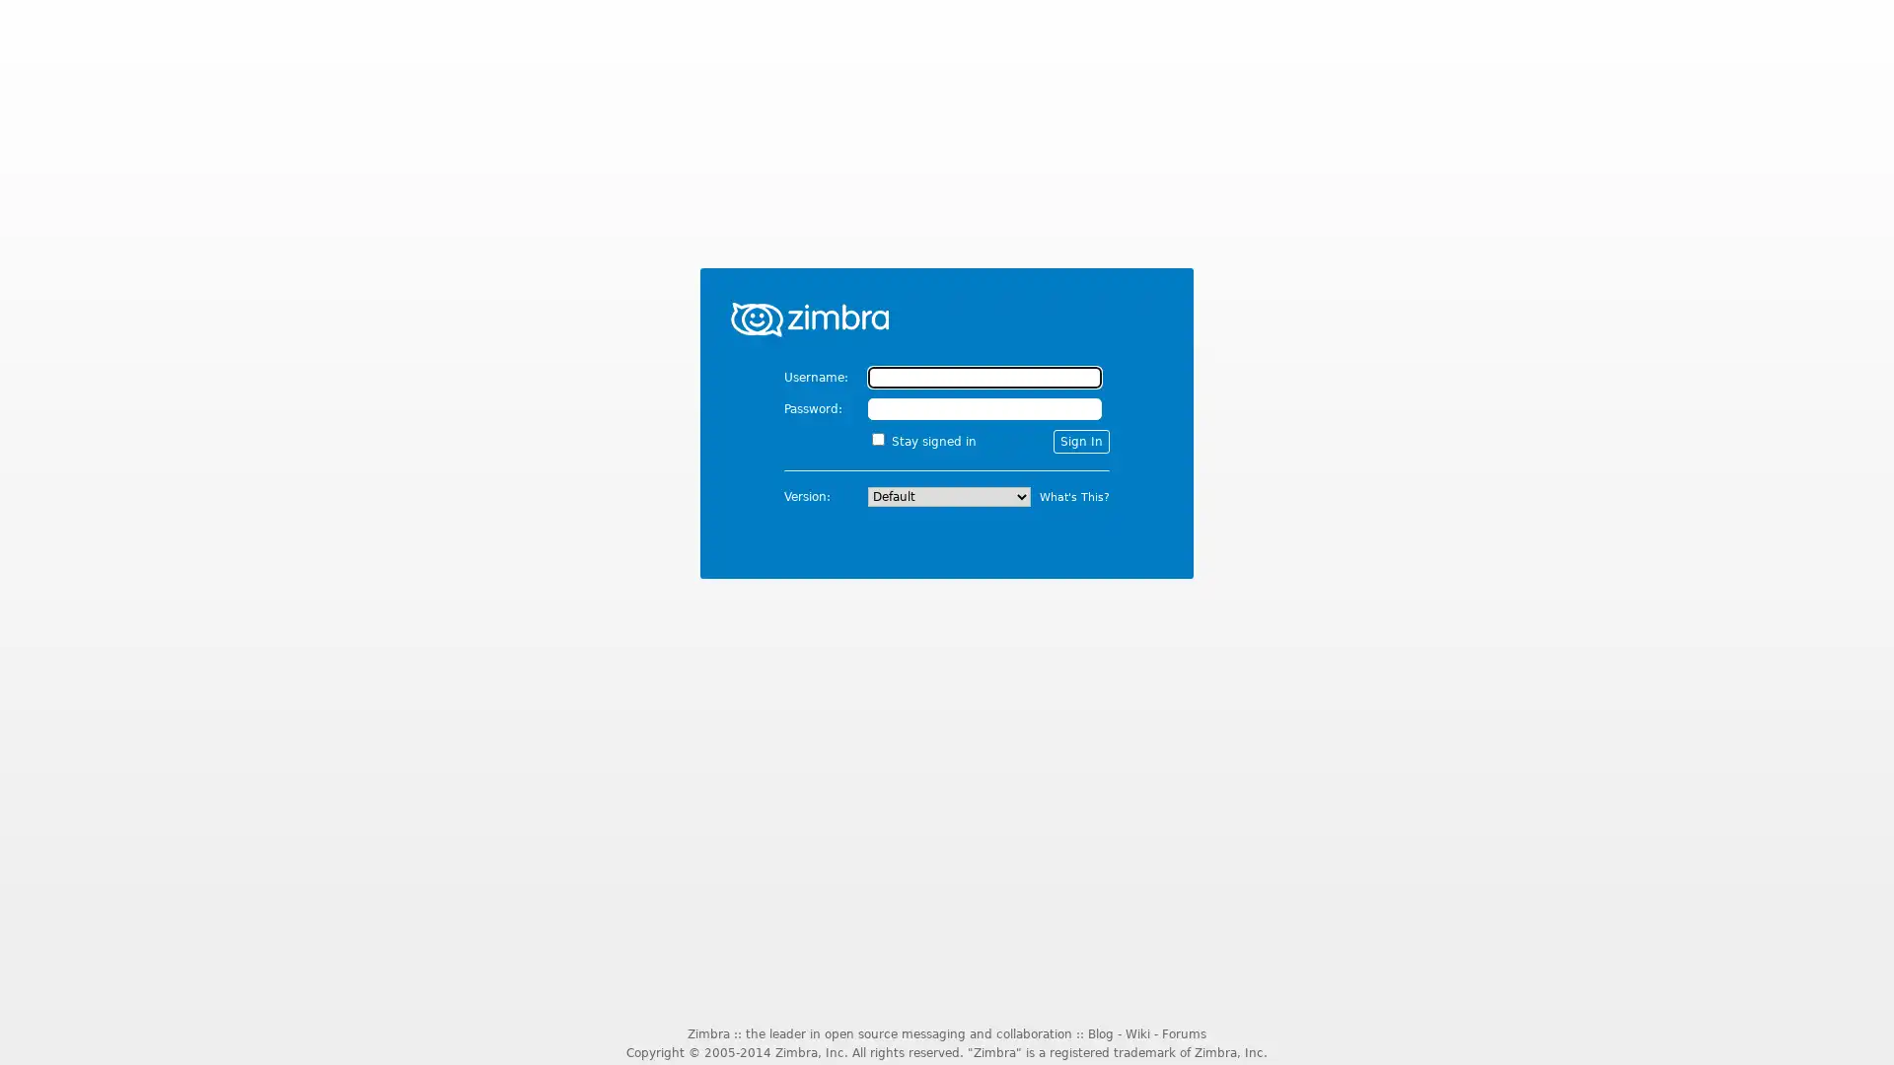  I want to click on Sign In, so click(1080, 440).